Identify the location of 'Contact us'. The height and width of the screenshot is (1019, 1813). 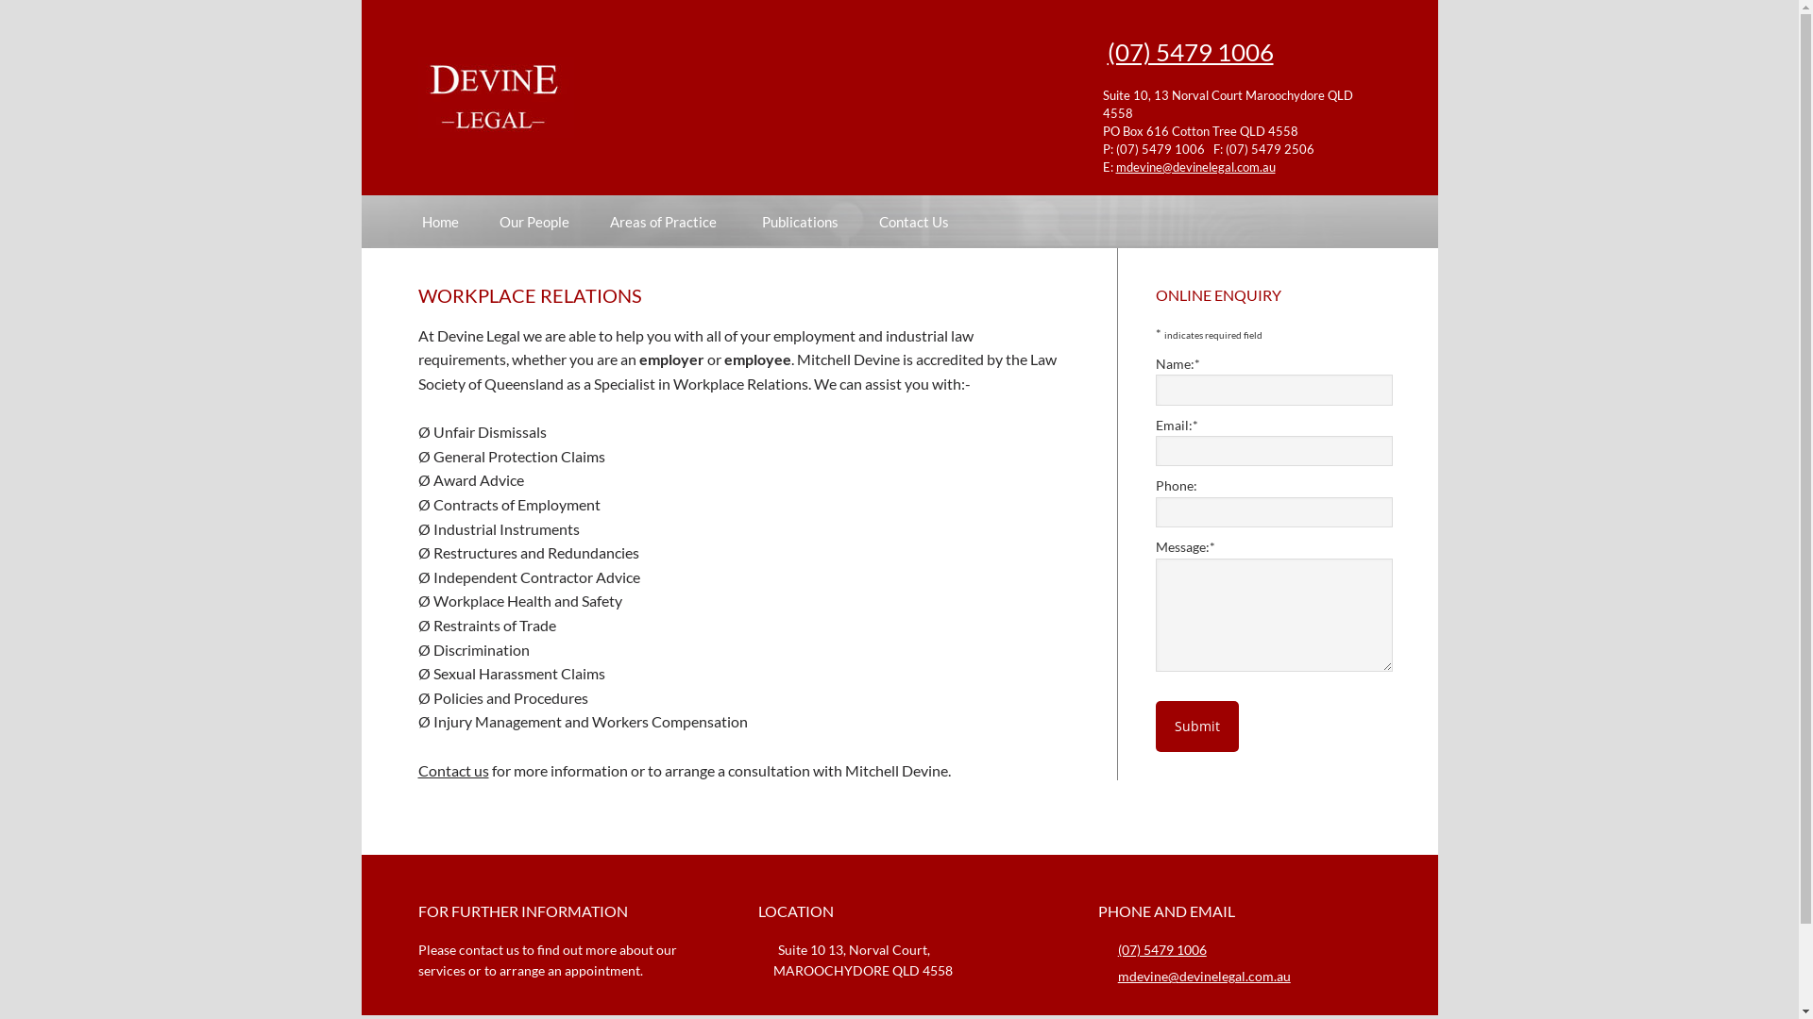
(451, 770).